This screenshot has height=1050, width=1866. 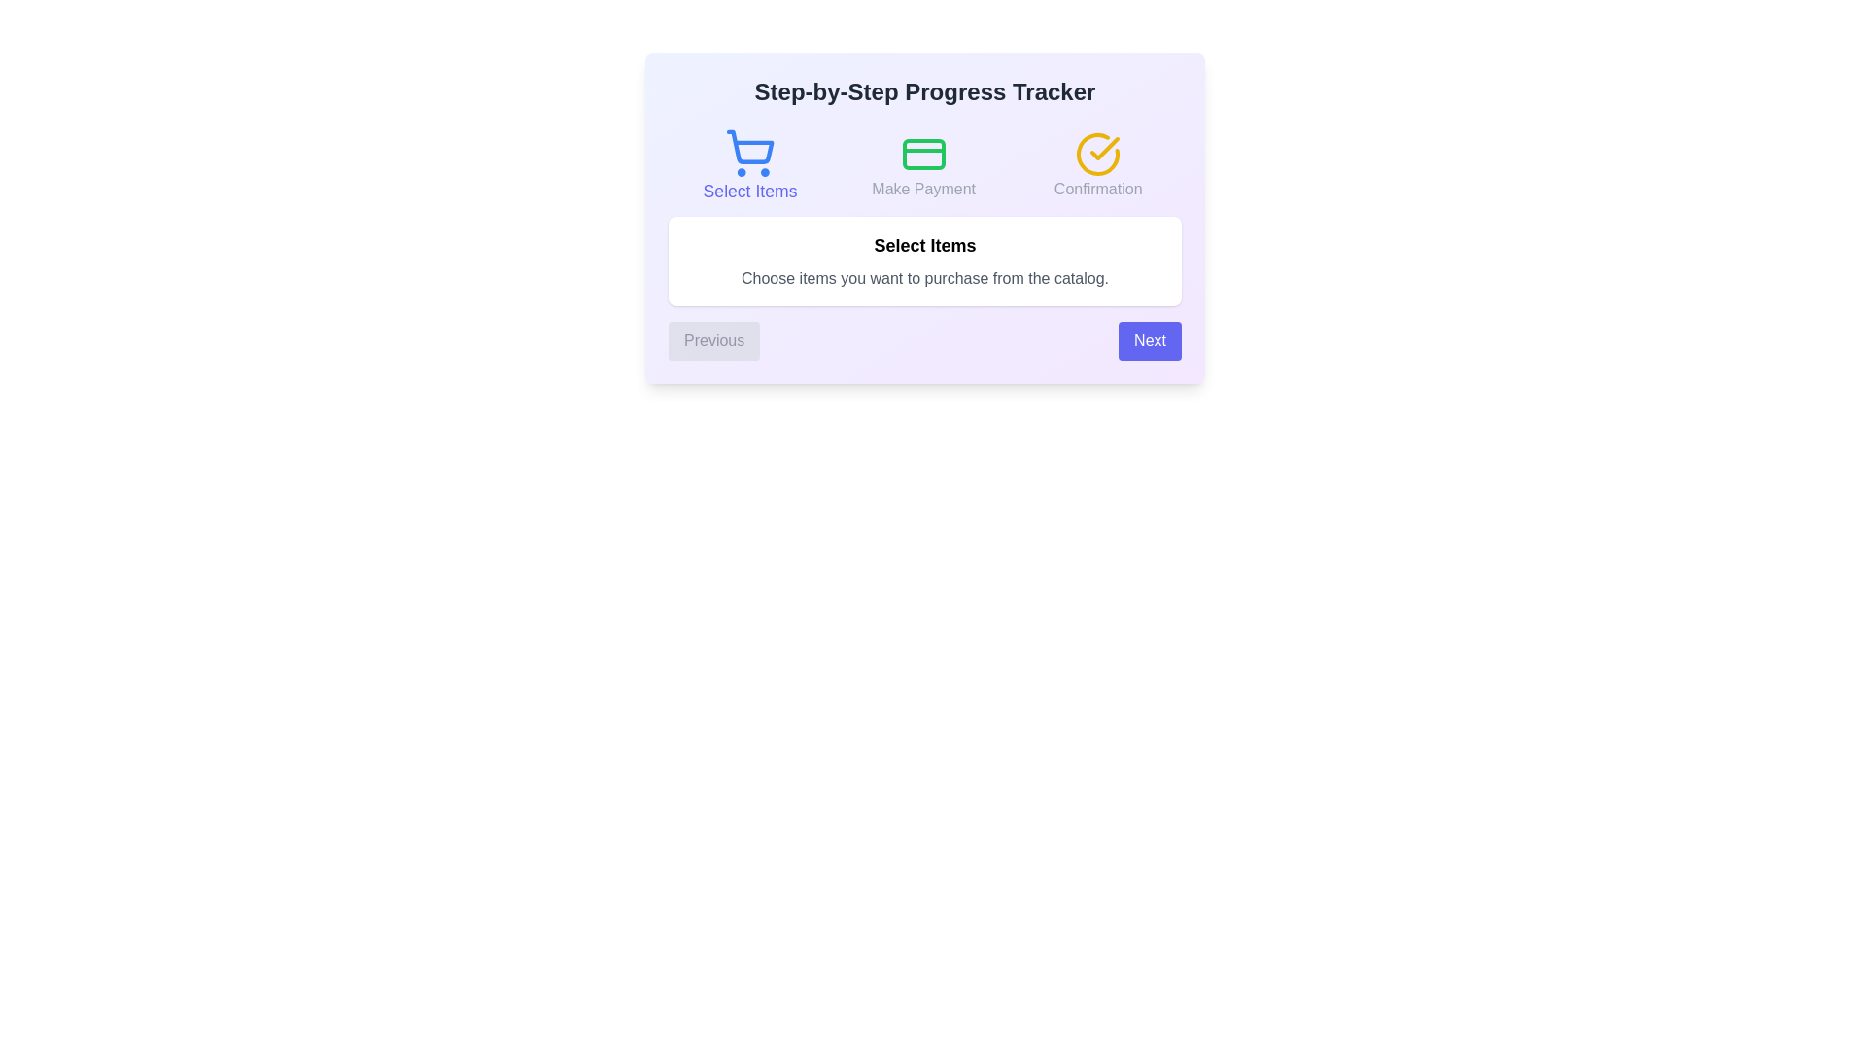 What do you see at coordinates (1149, 340) in the screenshot?
I see `'Next' button to proceed to the next step` at bounding box center [1149, 340].